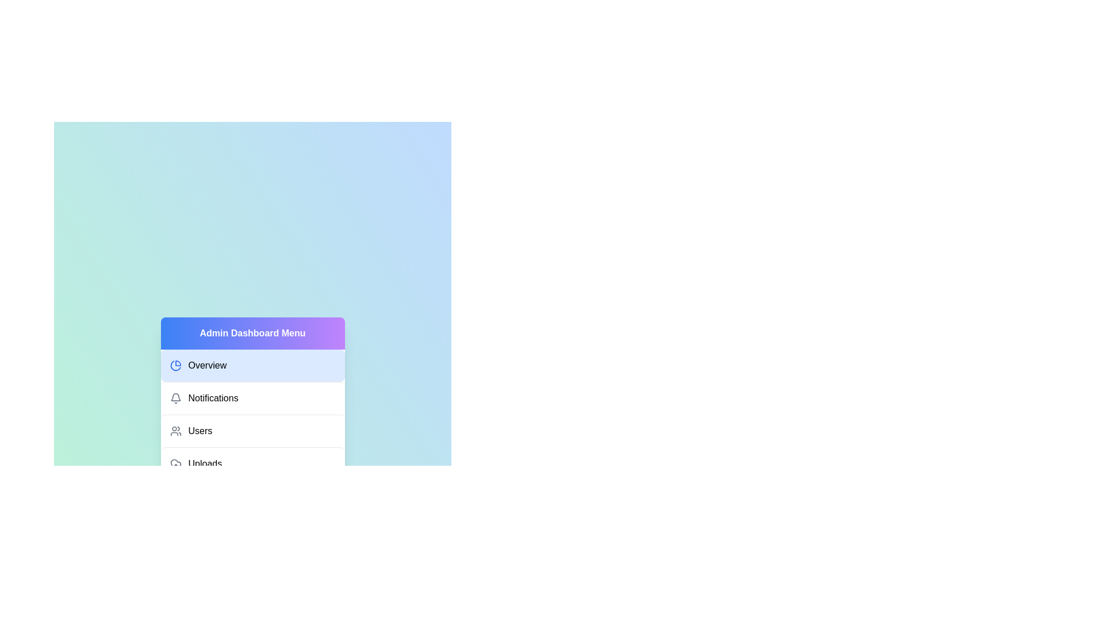 The height and width of the screenshot is (621, 1104). I want to click on the header text of the menu to inspect its content, so click(252, 333).